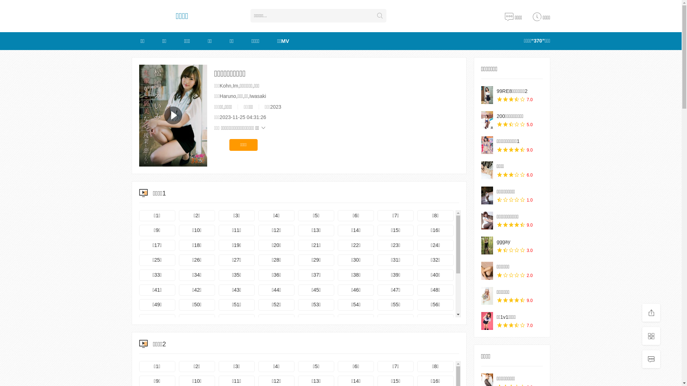 The height and width of the screenshot is (386, 687). I want to click on 'gggay', so click(496, 241).